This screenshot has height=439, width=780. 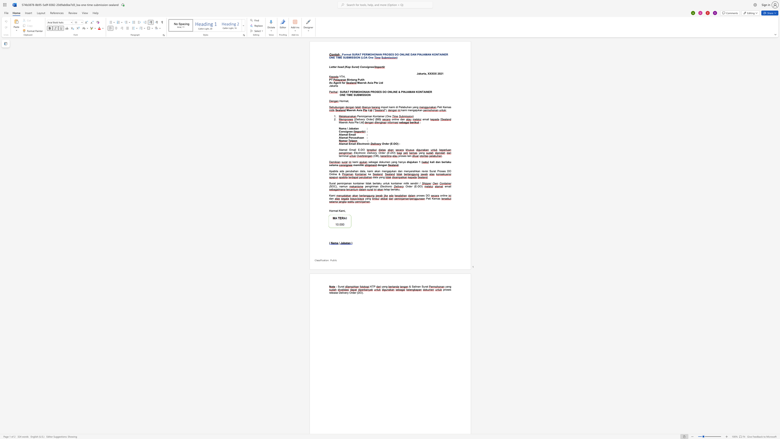 What do you see at coordinates (423, 286) in the screenshot?
I see `the subset text "ura" within the text "& Salinan Surat"` at bounding box center [423, 286].